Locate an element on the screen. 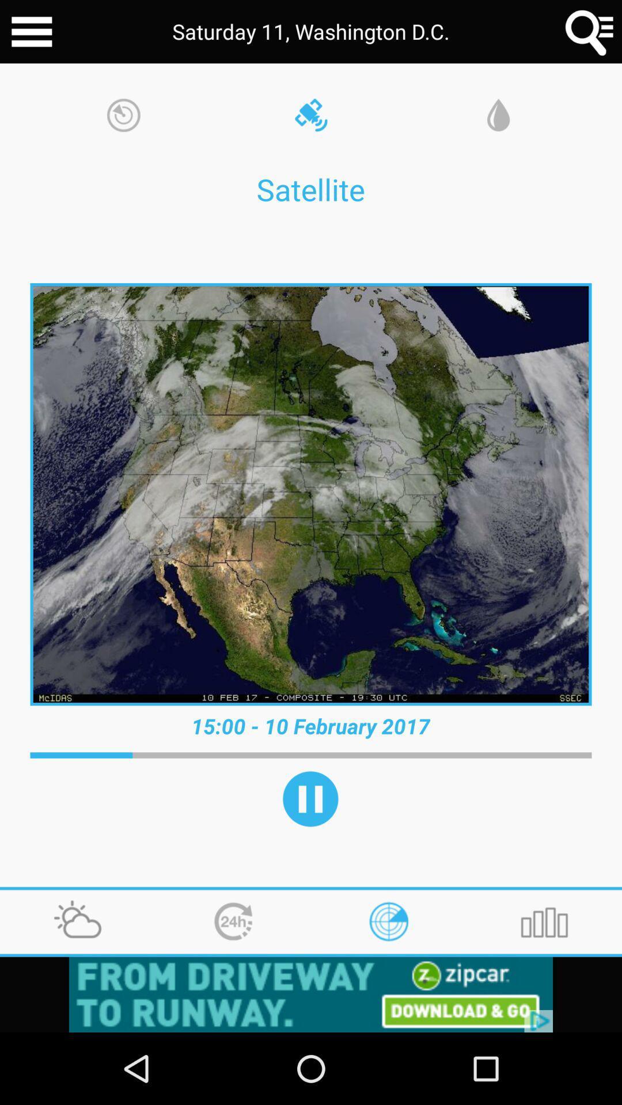 This screenshot has width=622, height=1105. click the advertisement is located at coordinates (311, 994).